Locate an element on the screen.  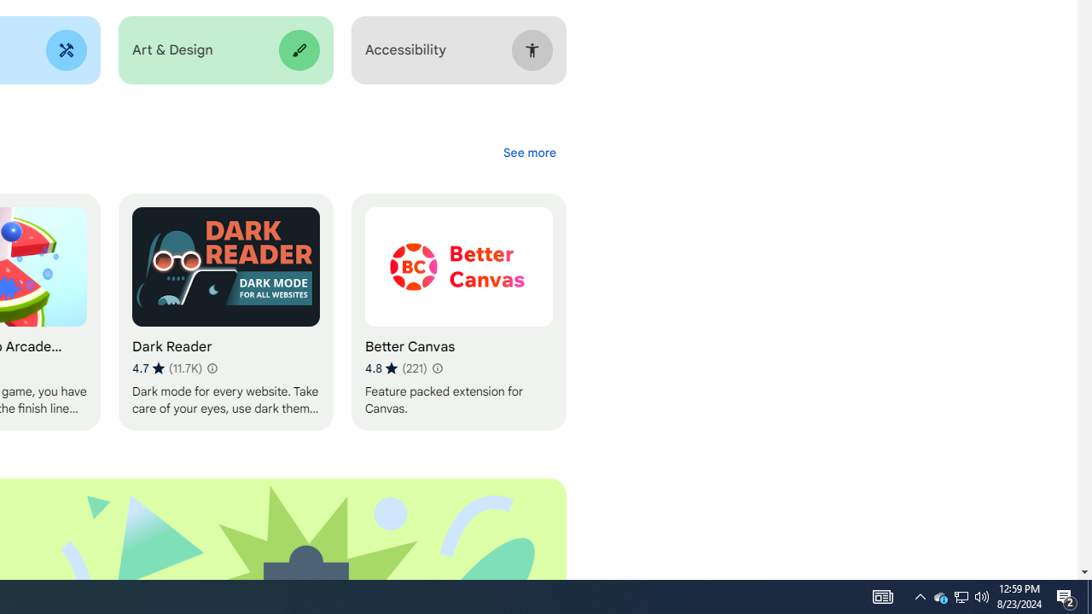
'Learn more about results and reviews "Dark Reader"' is located at coordinates (210, 368).